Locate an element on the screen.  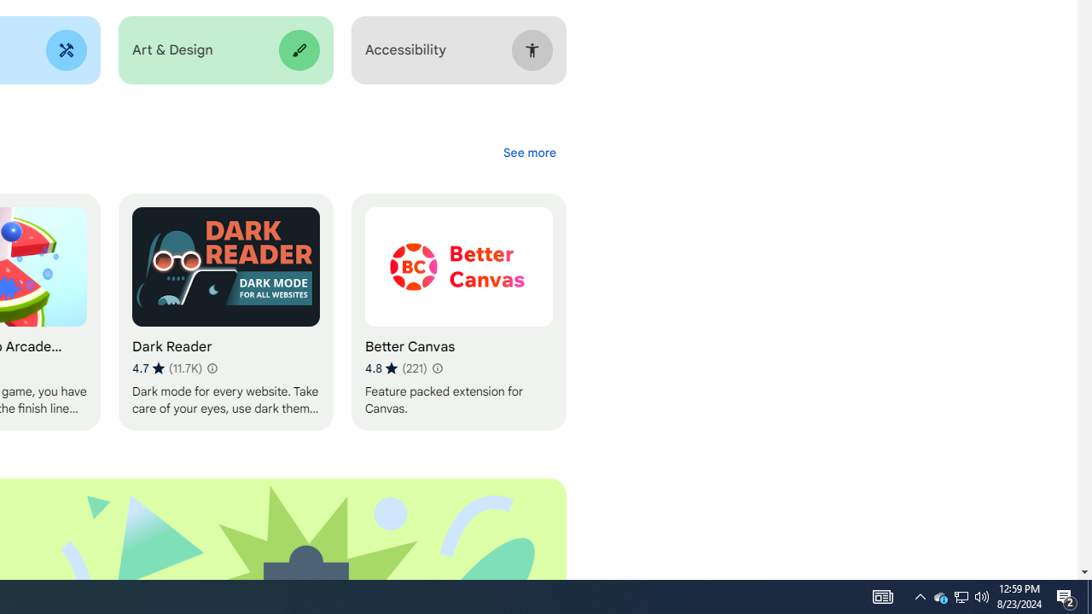
'Learn more about results and reviews "Dark Reader"' is located at coordinates (210, 368).